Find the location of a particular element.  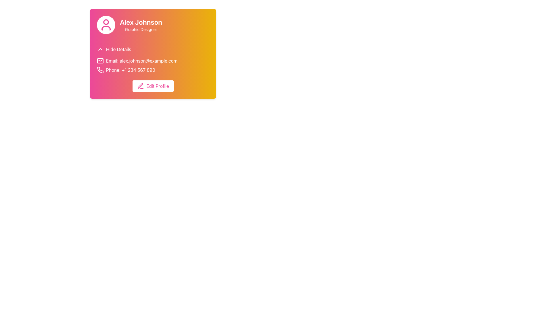

the small pink phone icon located to the left of the phone number '+1 234 567 890' in the contact information section is located at coordinates (100, 69).